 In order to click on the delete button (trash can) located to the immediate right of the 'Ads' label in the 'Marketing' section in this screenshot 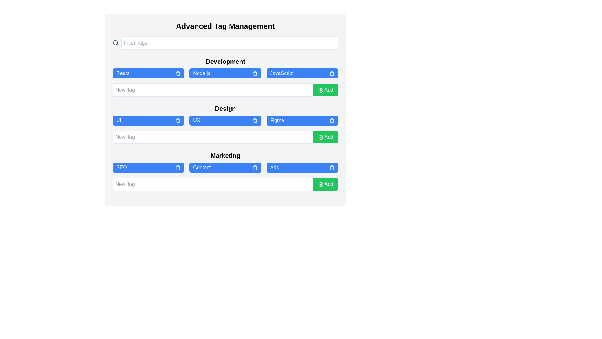, I will do `click(332, 167)`.